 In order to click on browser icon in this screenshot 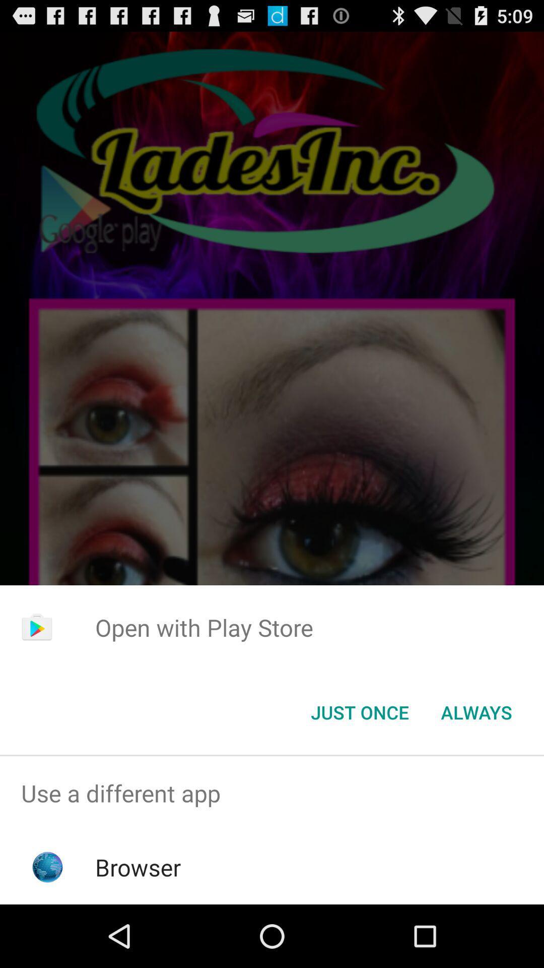, I will do `click(138, 867)`.